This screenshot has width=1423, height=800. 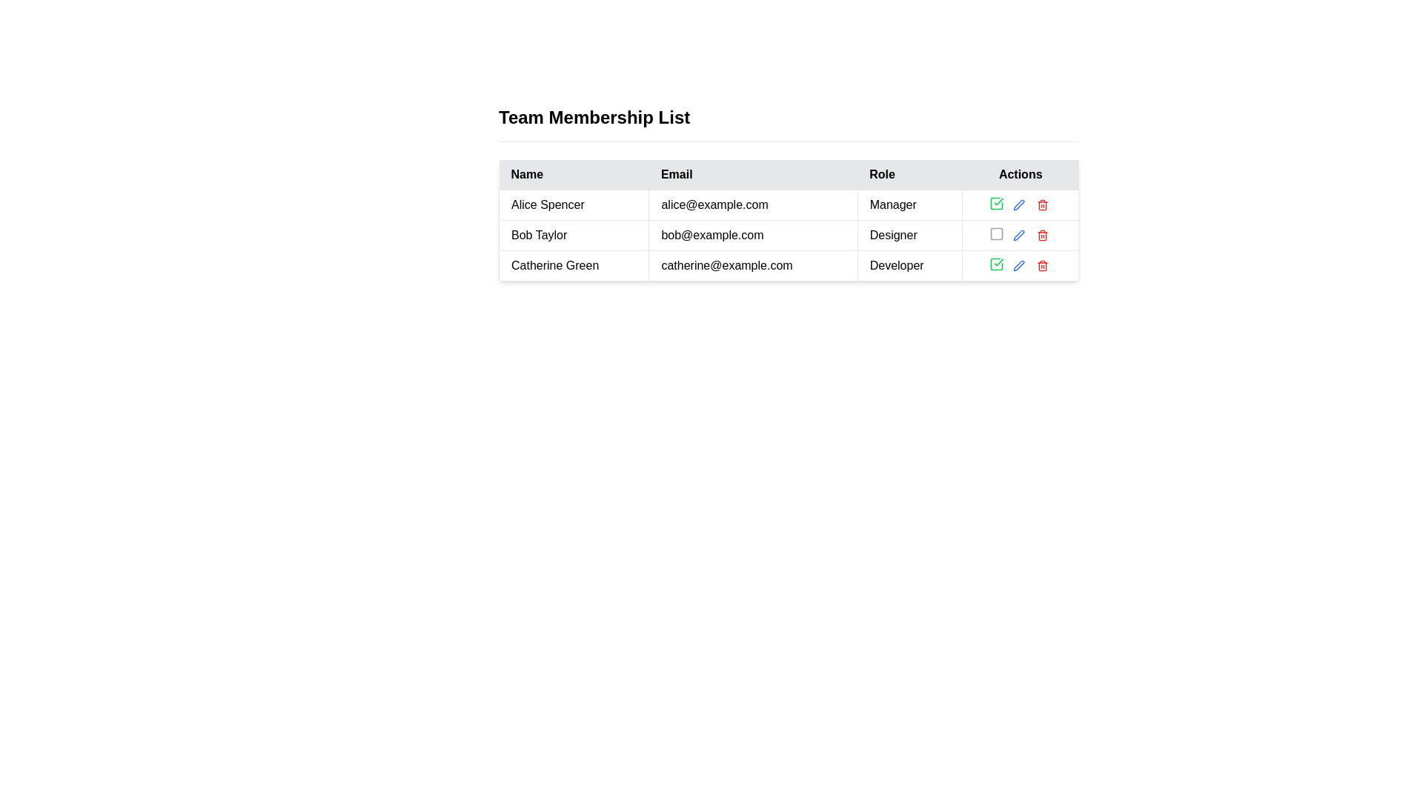 I want to click on information displayed in the 'Name' column of the second row in the team details table, which represents the name of a team member, so click(x=573, y=234).